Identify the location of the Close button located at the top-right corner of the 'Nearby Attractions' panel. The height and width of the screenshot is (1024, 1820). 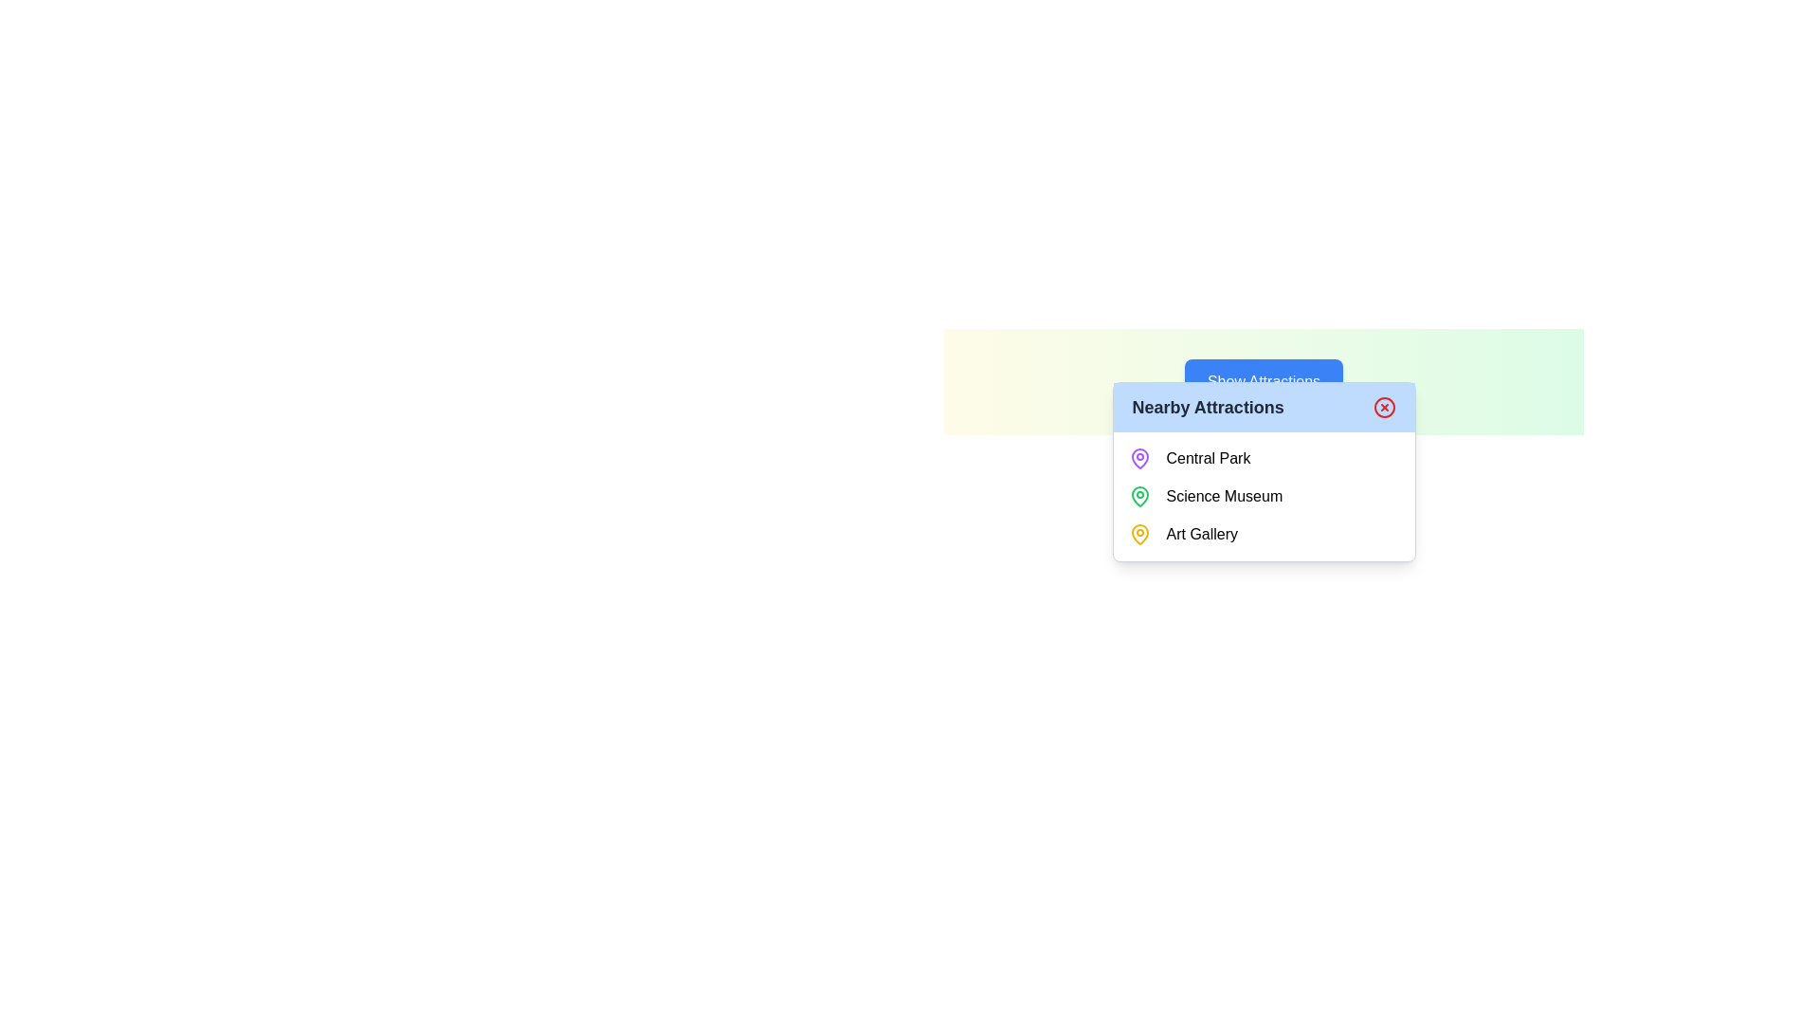
(1384, 406).